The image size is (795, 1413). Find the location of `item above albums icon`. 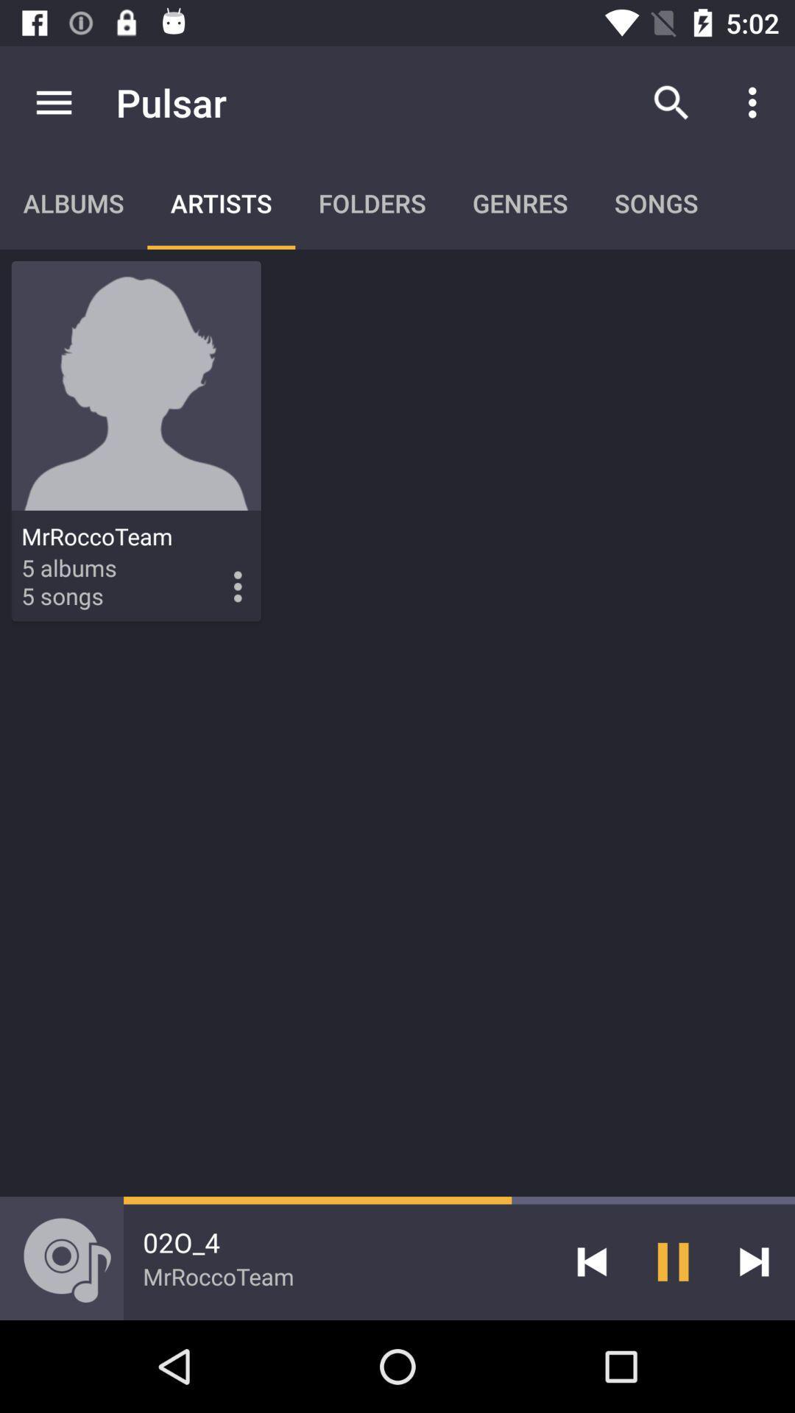

item above albums icon is located at coordinates (53, 102).